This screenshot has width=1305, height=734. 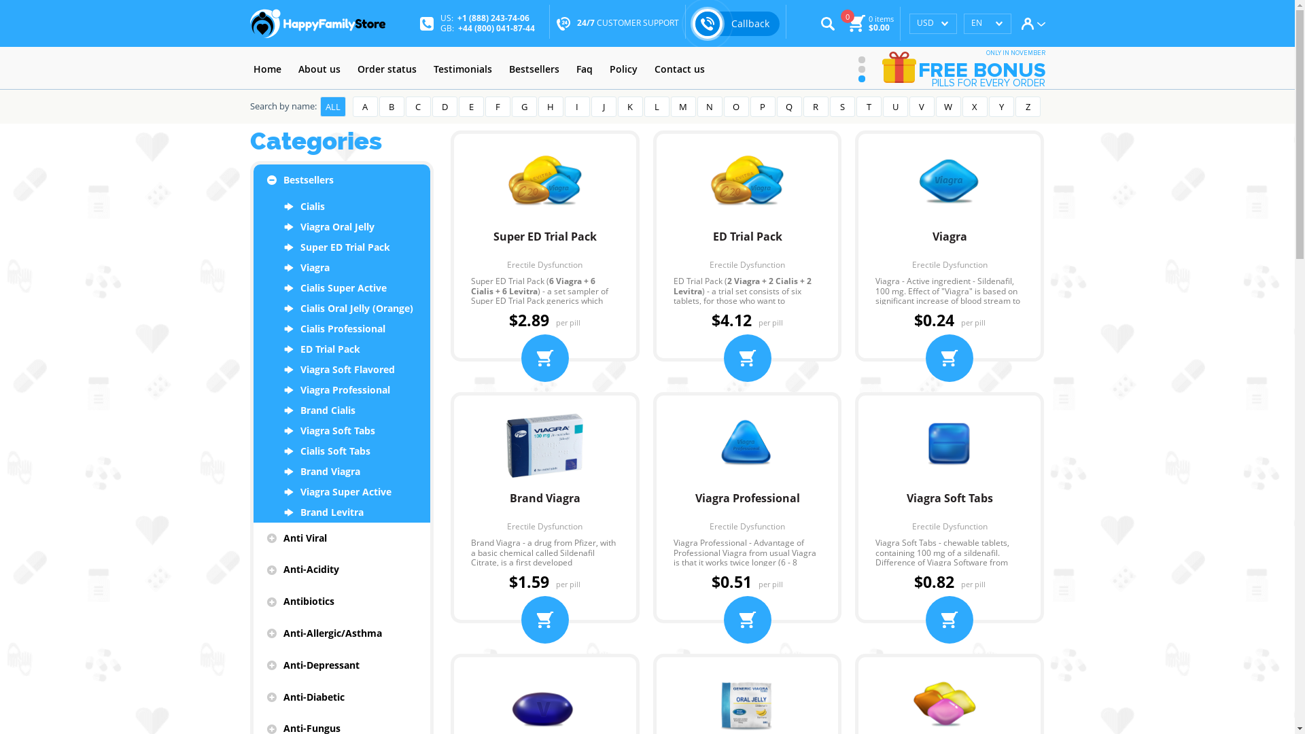 What do you see at coordinates (319, 69) in the screenshot?
I see `'about us'` at bounding box center [319, 69].